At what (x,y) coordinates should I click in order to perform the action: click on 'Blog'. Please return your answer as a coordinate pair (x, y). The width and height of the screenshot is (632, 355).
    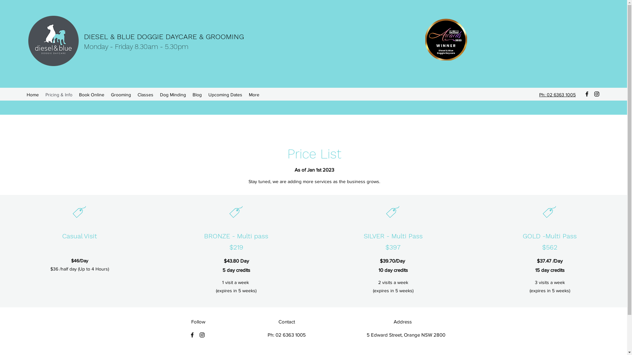
    Looking at the image, I should click on (197, 95).